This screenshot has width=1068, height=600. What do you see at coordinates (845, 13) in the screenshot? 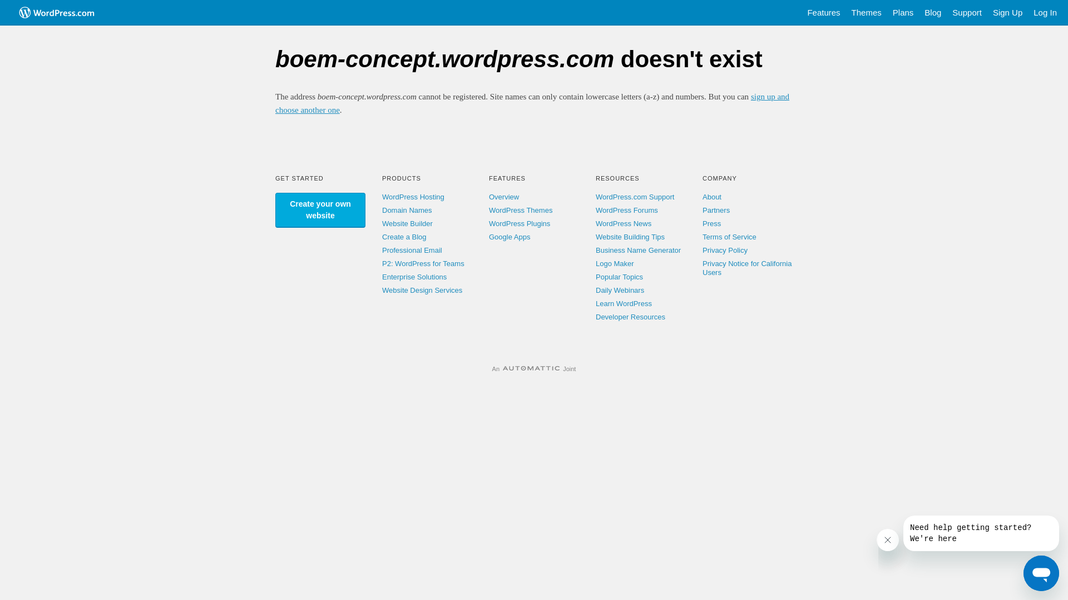
I see `'Themes'` at bounding box center [845, 13].